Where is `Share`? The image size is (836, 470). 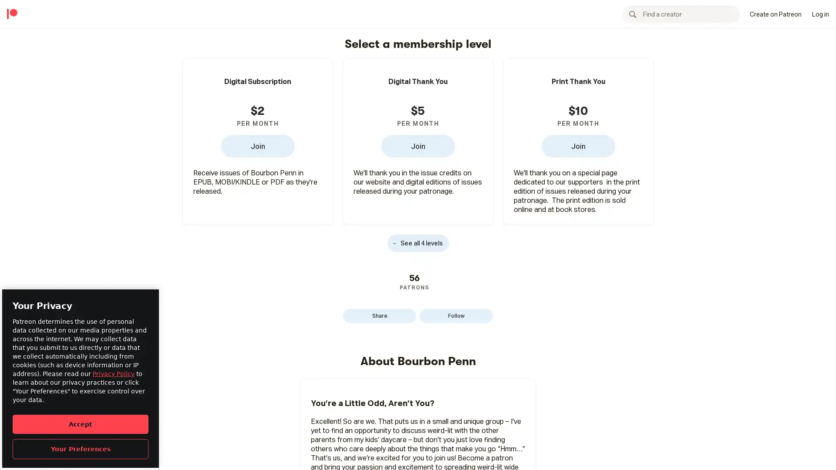 Share is located at coordinates (380, 316).